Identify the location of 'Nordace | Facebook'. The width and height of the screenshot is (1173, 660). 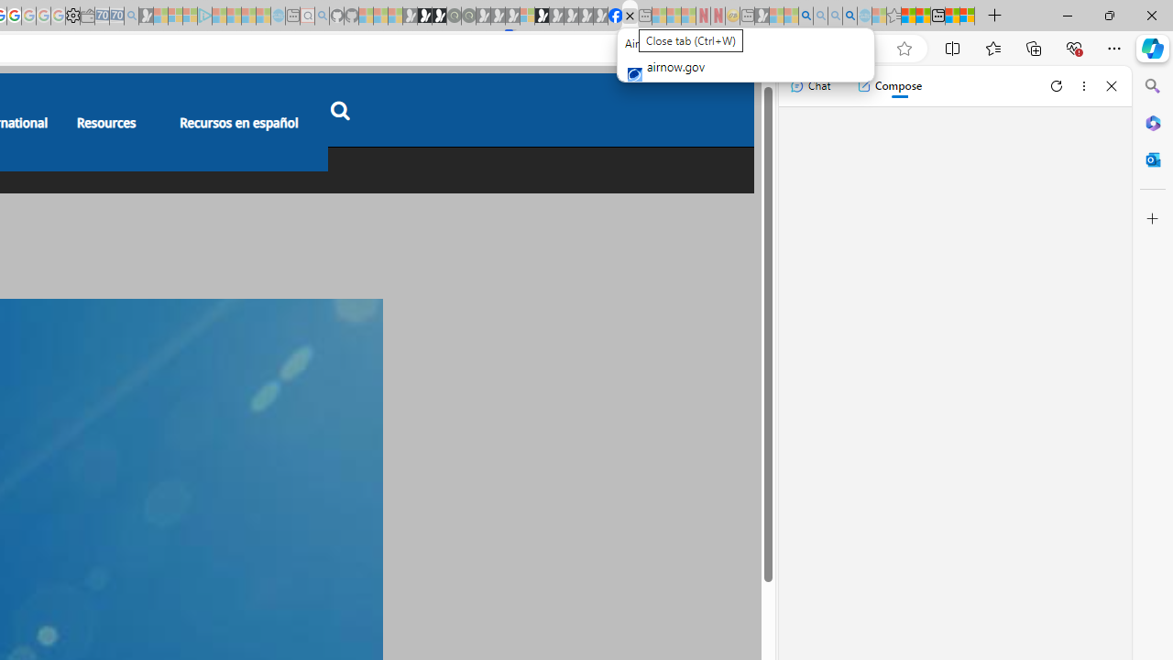
(616, 16).